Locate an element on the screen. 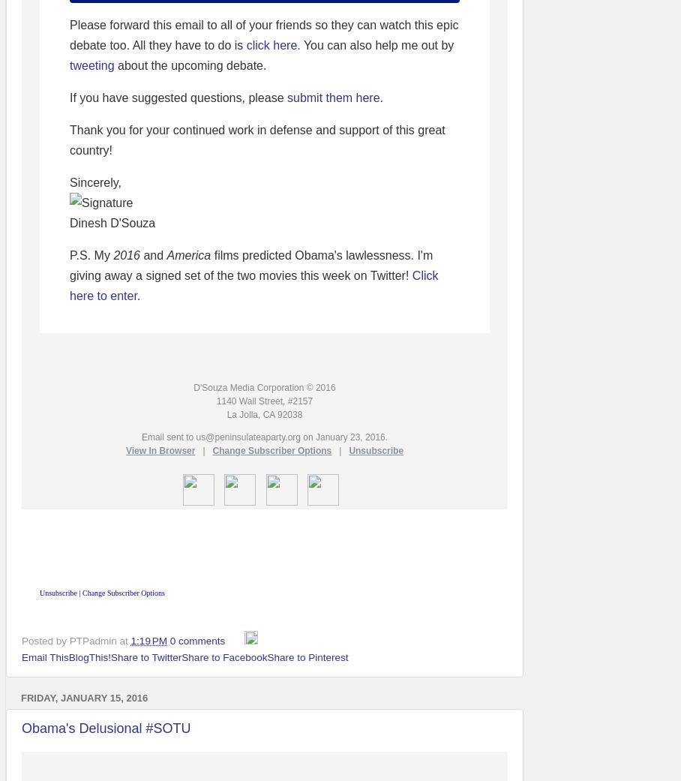 The image size is (681, 781). 'View In Browser' is located at coordinates (160, 450).